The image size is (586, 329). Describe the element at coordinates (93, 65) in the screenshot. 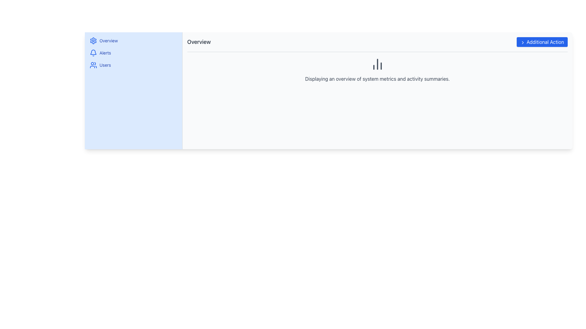

I see `the 'Users' icon located to the left of the text label 'Users' in the vertical navigation panel` at that location.